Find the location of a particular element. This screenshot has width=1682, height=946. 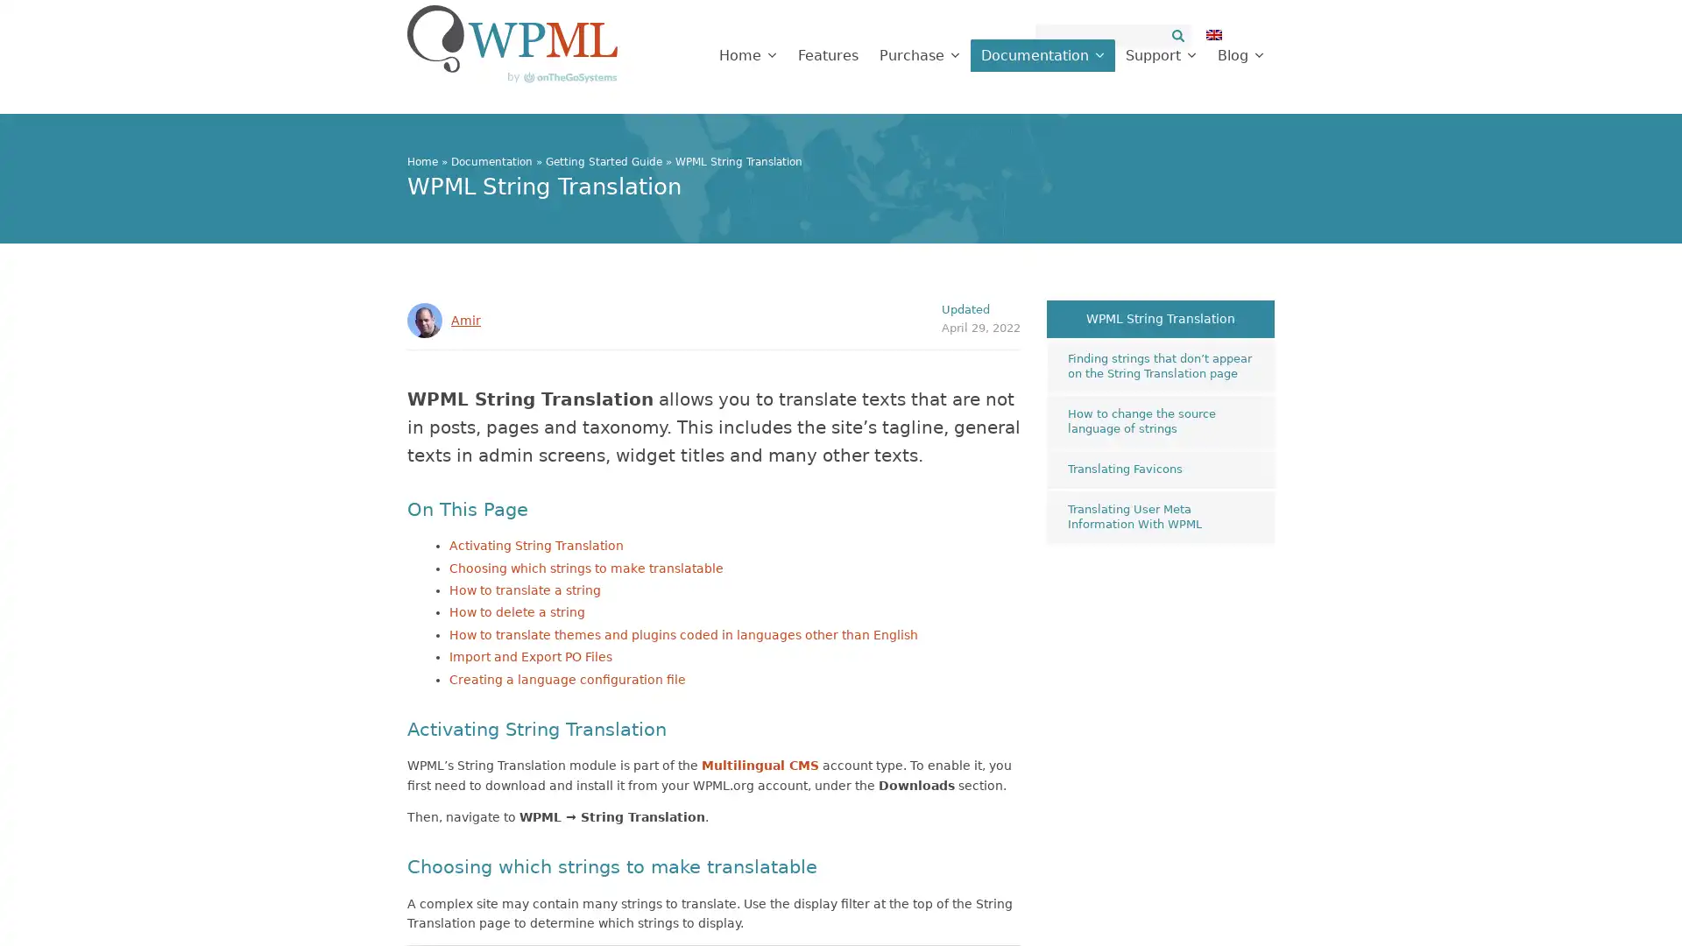

Search is located at coordinates (1177, 38).